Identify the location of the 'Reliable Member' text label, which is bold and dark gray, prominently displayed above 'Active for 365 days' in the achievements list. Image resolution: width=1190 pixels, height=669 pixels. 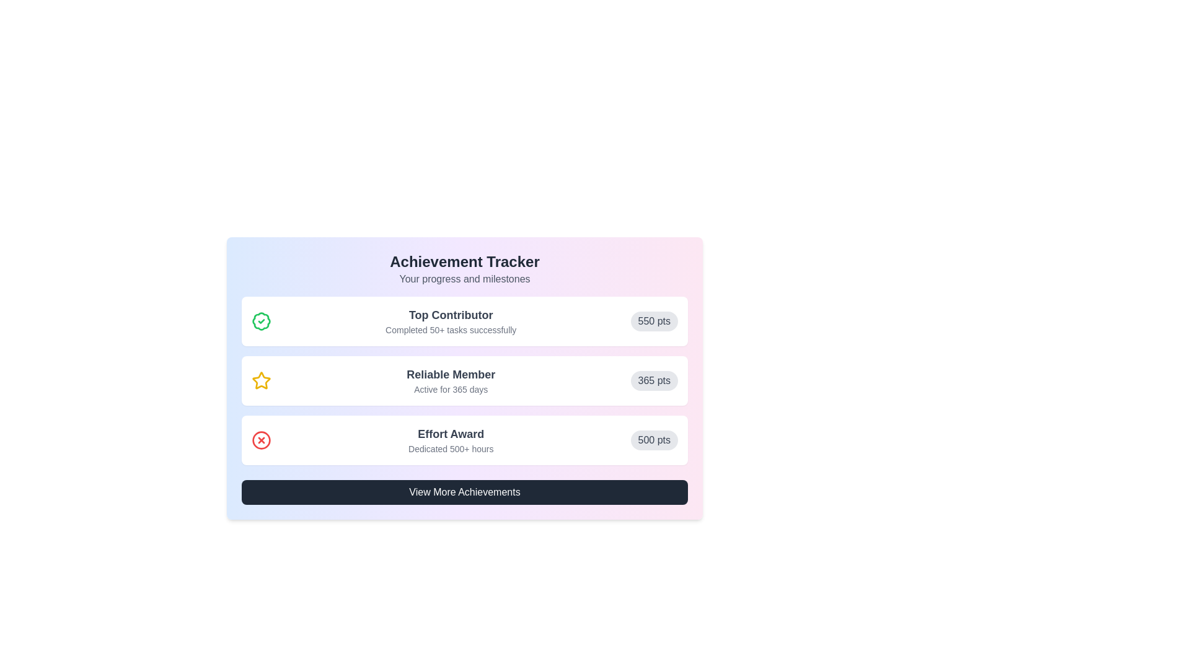
(450, 374).